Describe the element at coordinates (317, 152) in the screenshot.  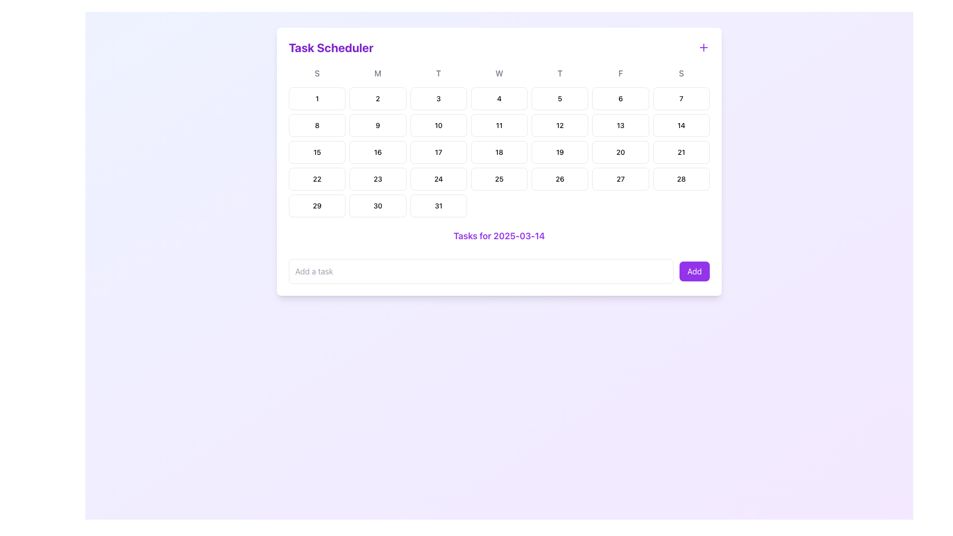
I see `the button displaying the number '15' in the calendar grid` at that location.